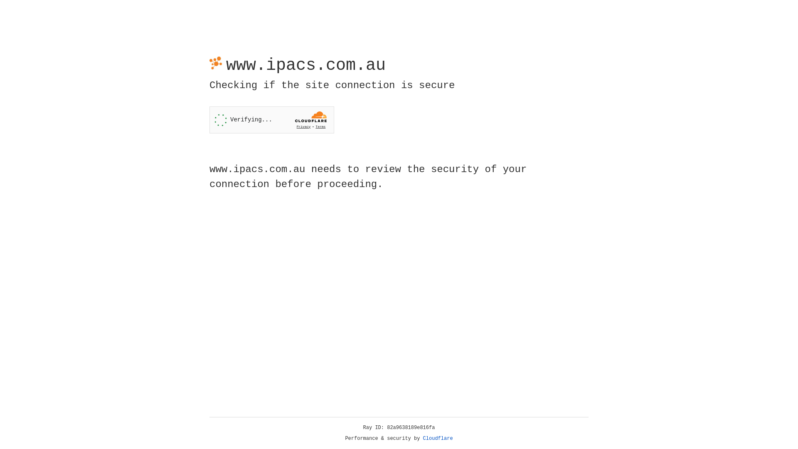  I want to click on 'Cloudflare', so click(423, 438).